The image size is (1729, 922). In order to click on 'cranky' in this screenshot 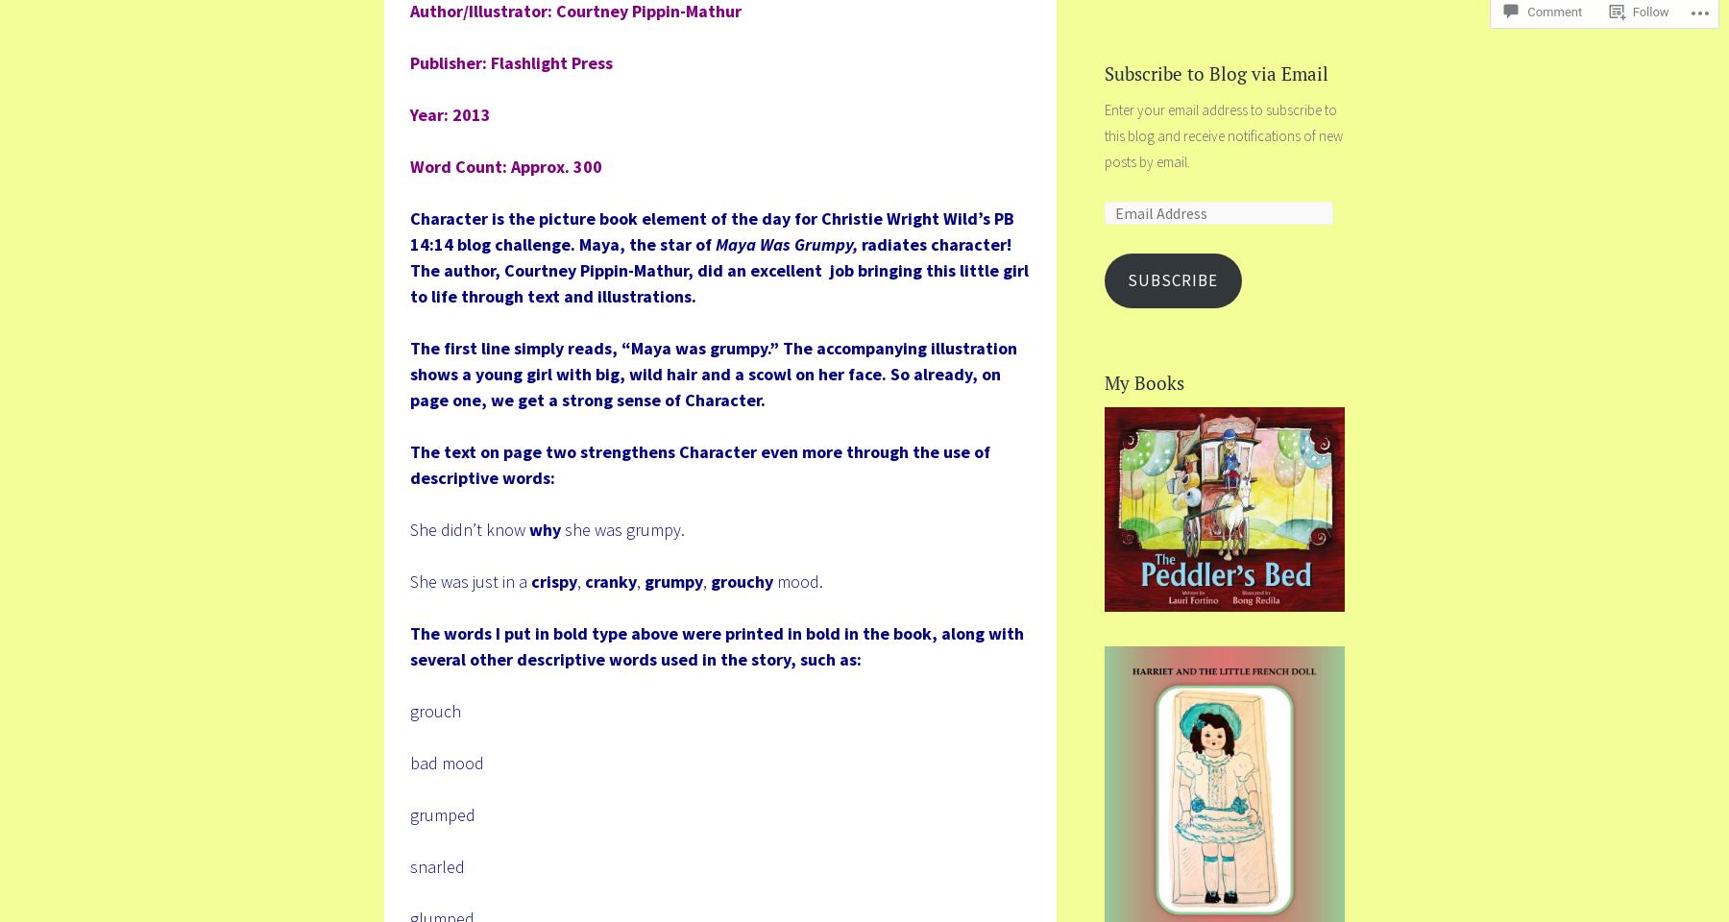, I will do `click(610, 579)`.